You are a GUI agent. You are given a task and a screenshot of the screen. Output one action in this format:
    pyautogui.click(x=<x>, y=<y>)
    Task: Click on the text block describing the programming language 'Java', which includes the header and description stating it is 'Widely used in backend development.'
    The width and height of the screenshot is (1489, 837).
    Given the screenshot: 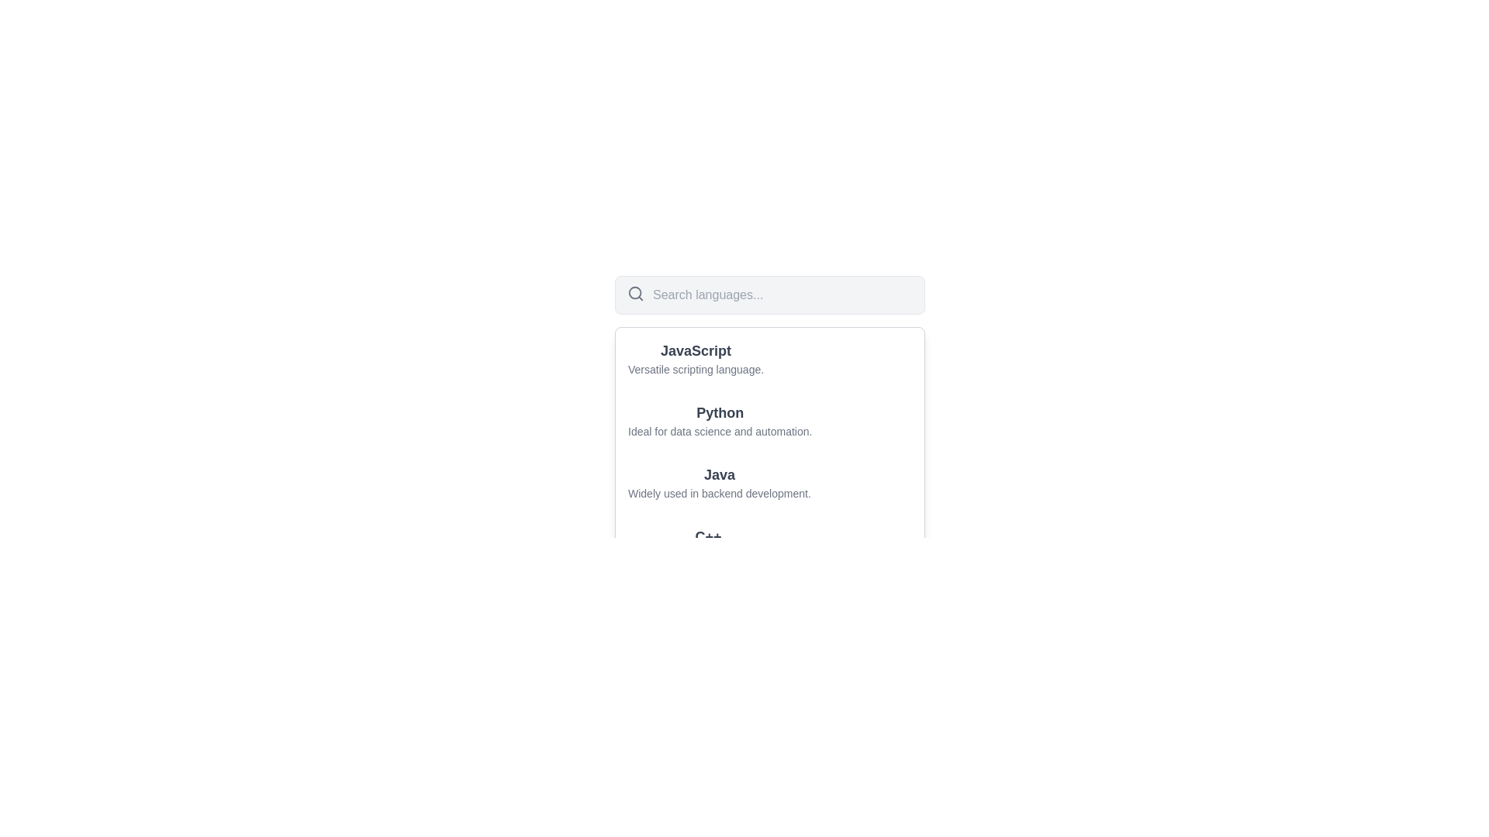 What is the action you would take?
    pyautogui.click(x=718, y=482)
    